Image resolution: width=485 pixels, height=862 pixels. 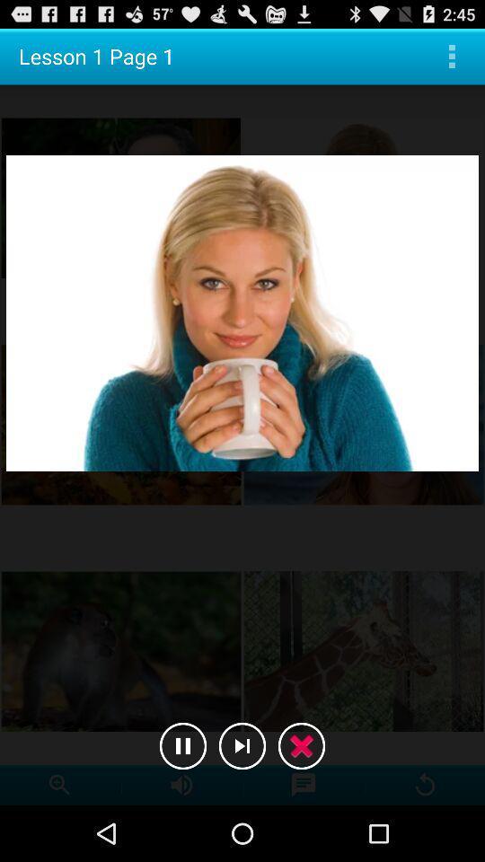 I want to click on the close icon, so click(x=301, y=797).